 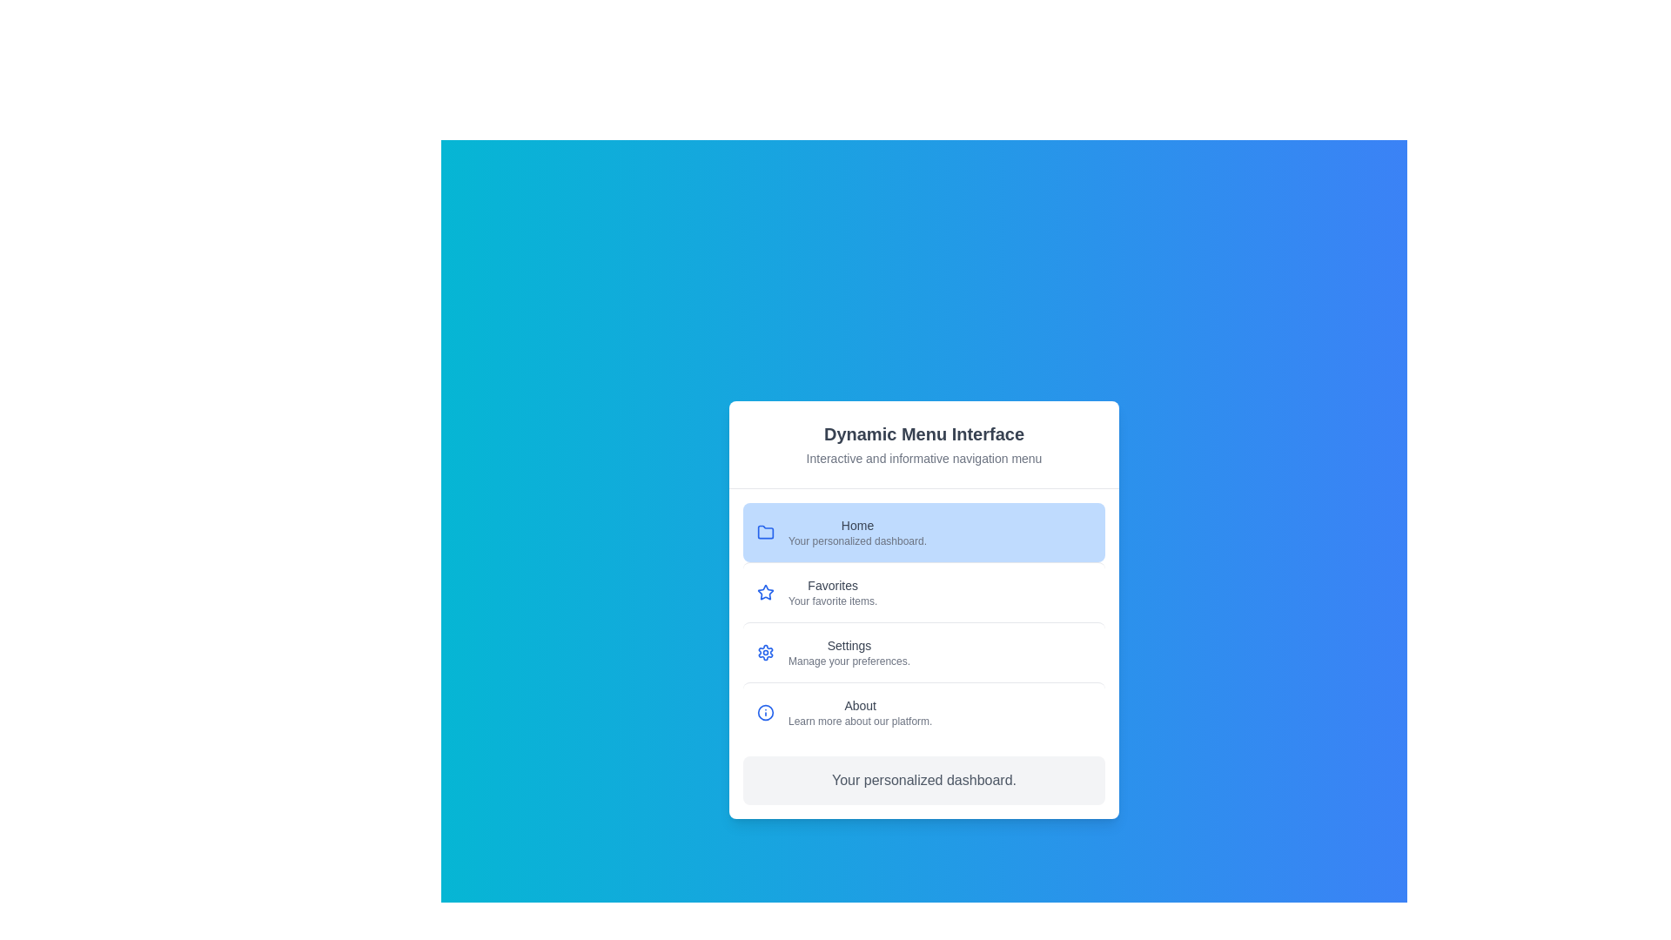 What do you see at coordinates (923, 652) in the screenshot?
I see `the menu item Settings to display its description` at bounding box center [923, 652].